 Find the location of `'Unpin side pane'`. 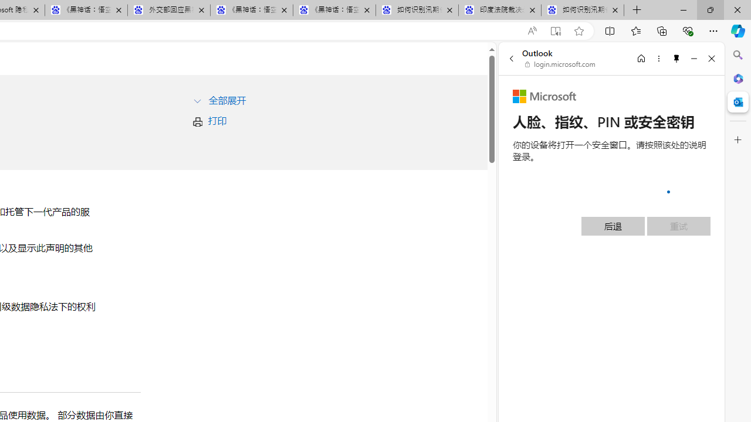

'Unpin side pane' is located at coordinates (676, 58).